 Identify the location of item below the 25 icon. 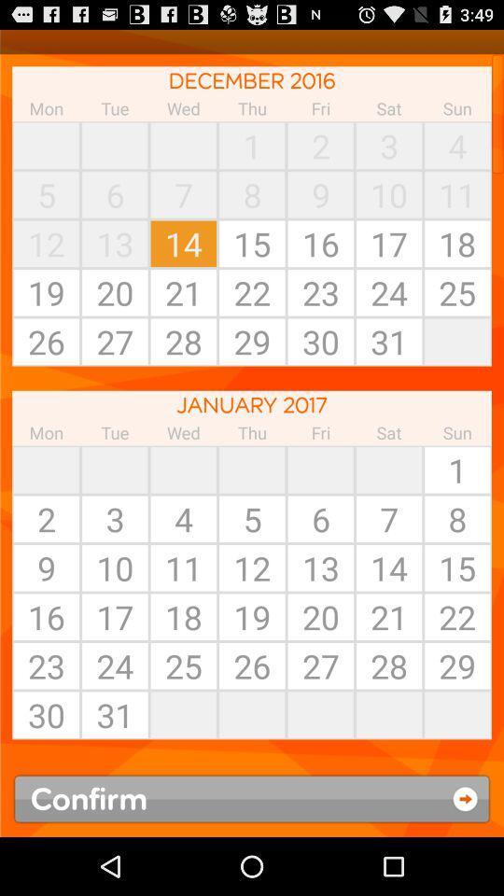
(252, 714).